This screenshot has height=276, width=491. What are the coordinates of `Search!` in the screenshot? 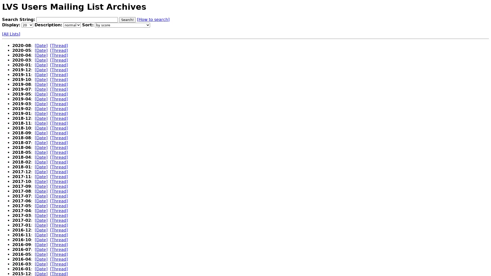 It's located at (127, 19).